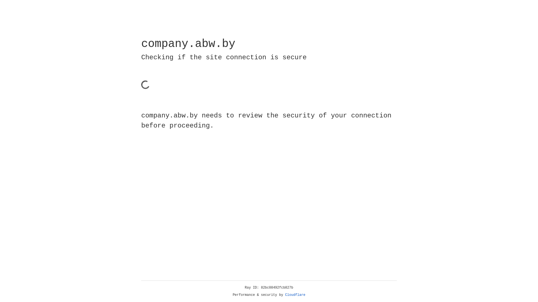 The image size is (538, 302). I want to click on 'Cloudflare', so click(295, 295).